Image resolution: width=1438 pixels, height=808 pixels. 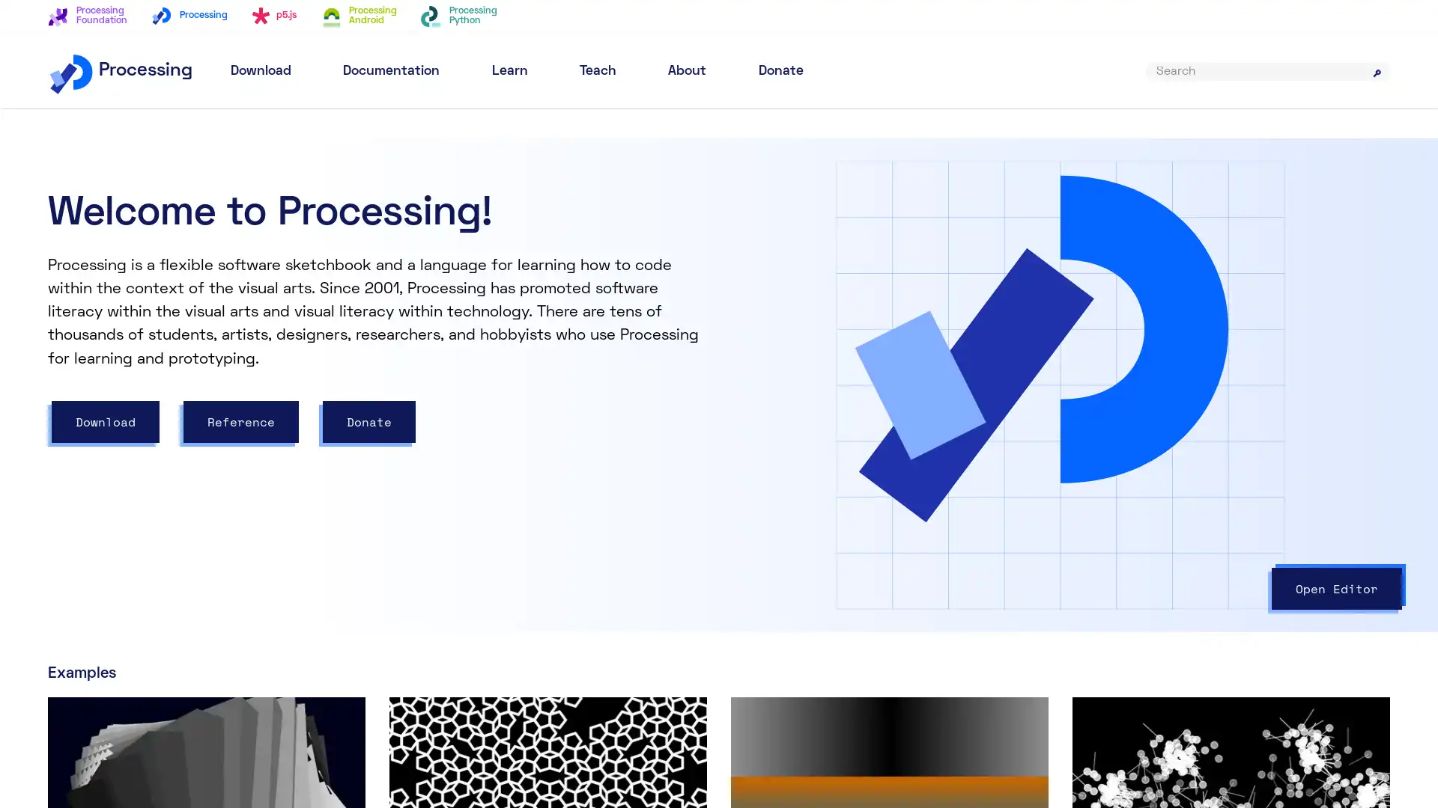 I want to click on change position, so click(x=894, y=461).